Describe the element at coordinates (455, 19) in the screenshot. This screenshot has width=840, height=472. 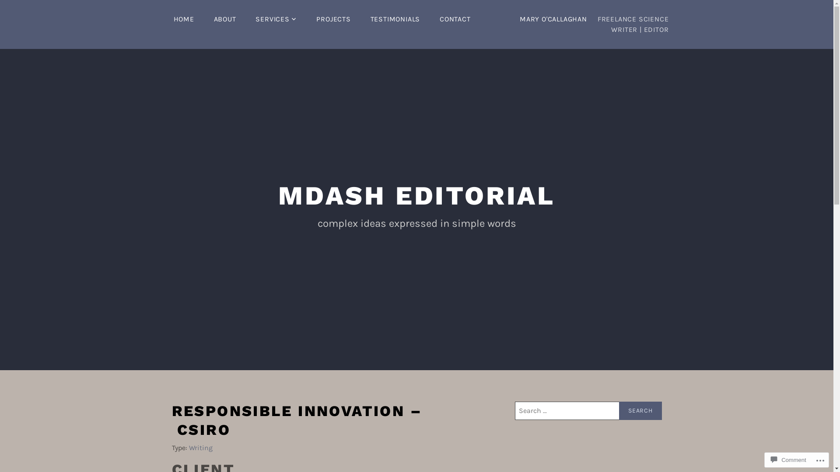
I see `'CONTACT'` at that location.